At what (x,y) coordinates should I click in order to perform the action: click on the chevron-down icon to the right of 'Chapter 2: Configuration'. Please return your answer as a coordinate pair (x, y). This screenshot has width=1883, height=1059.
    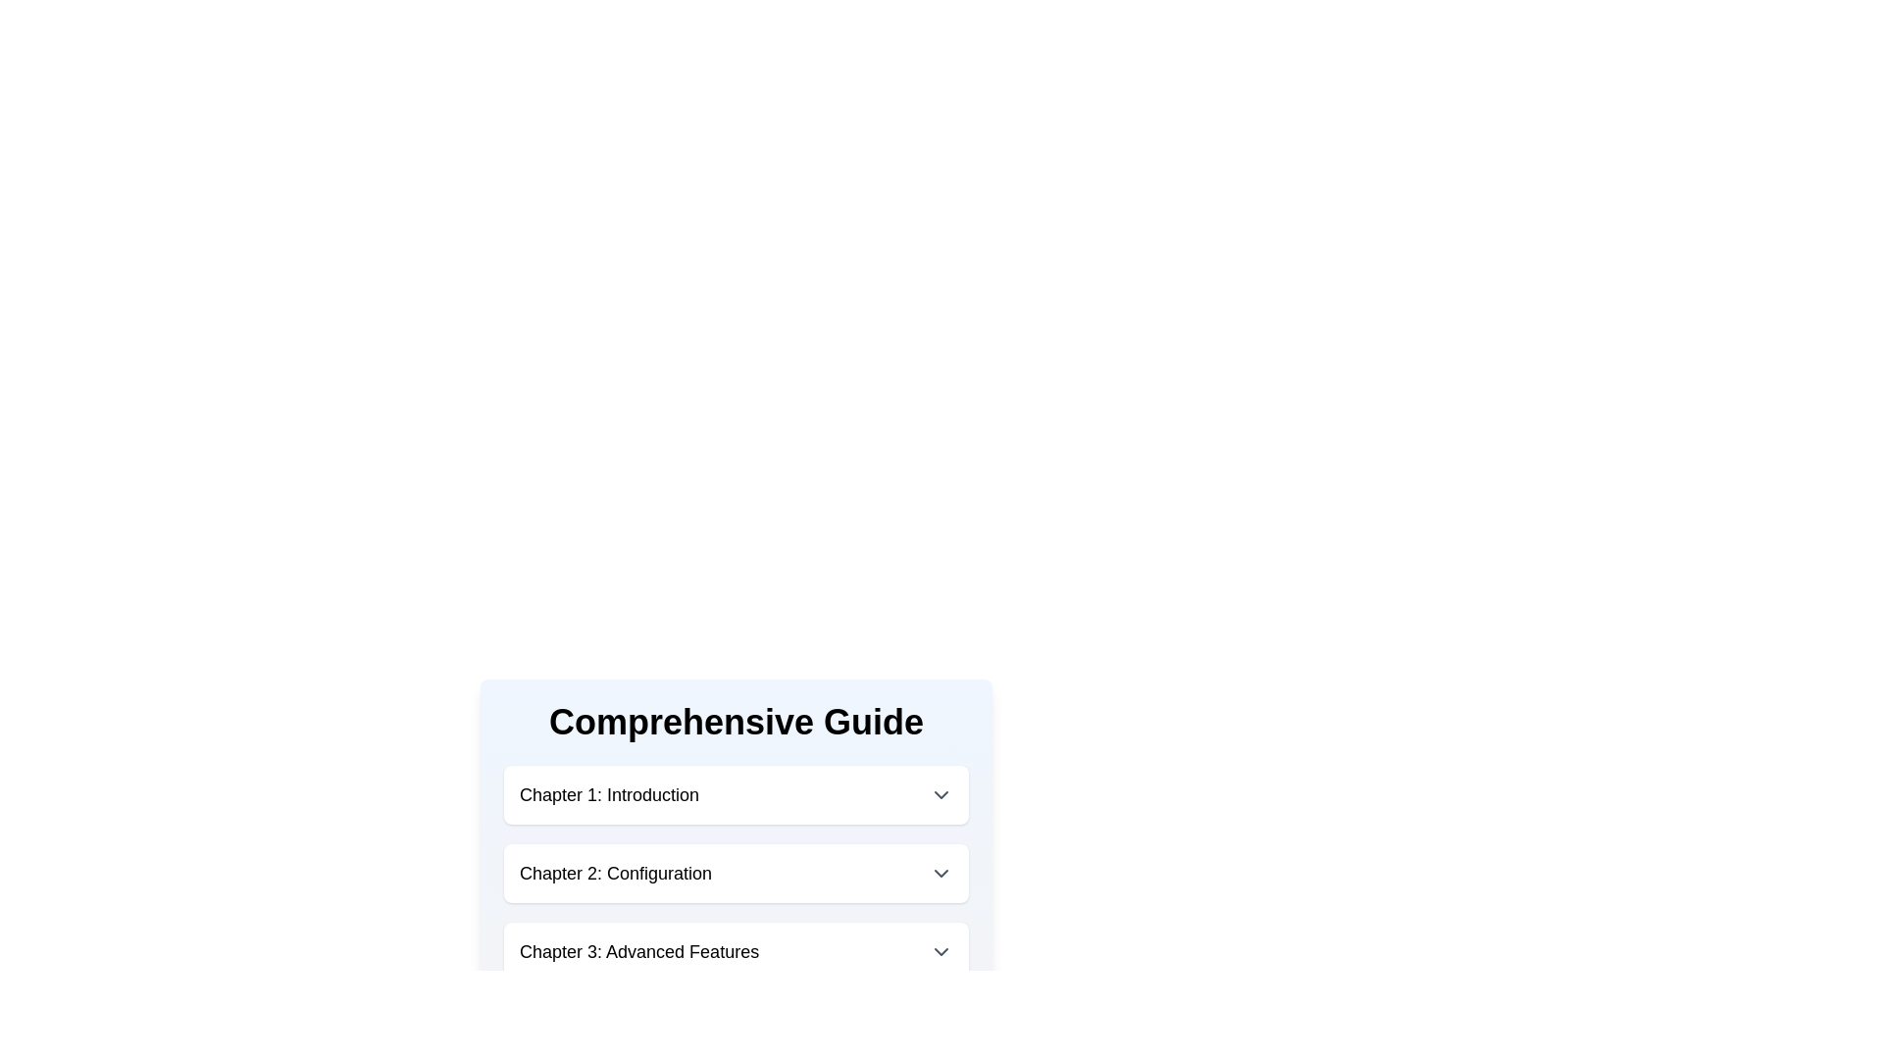
    Looking at the image, I should click on (941, 873).